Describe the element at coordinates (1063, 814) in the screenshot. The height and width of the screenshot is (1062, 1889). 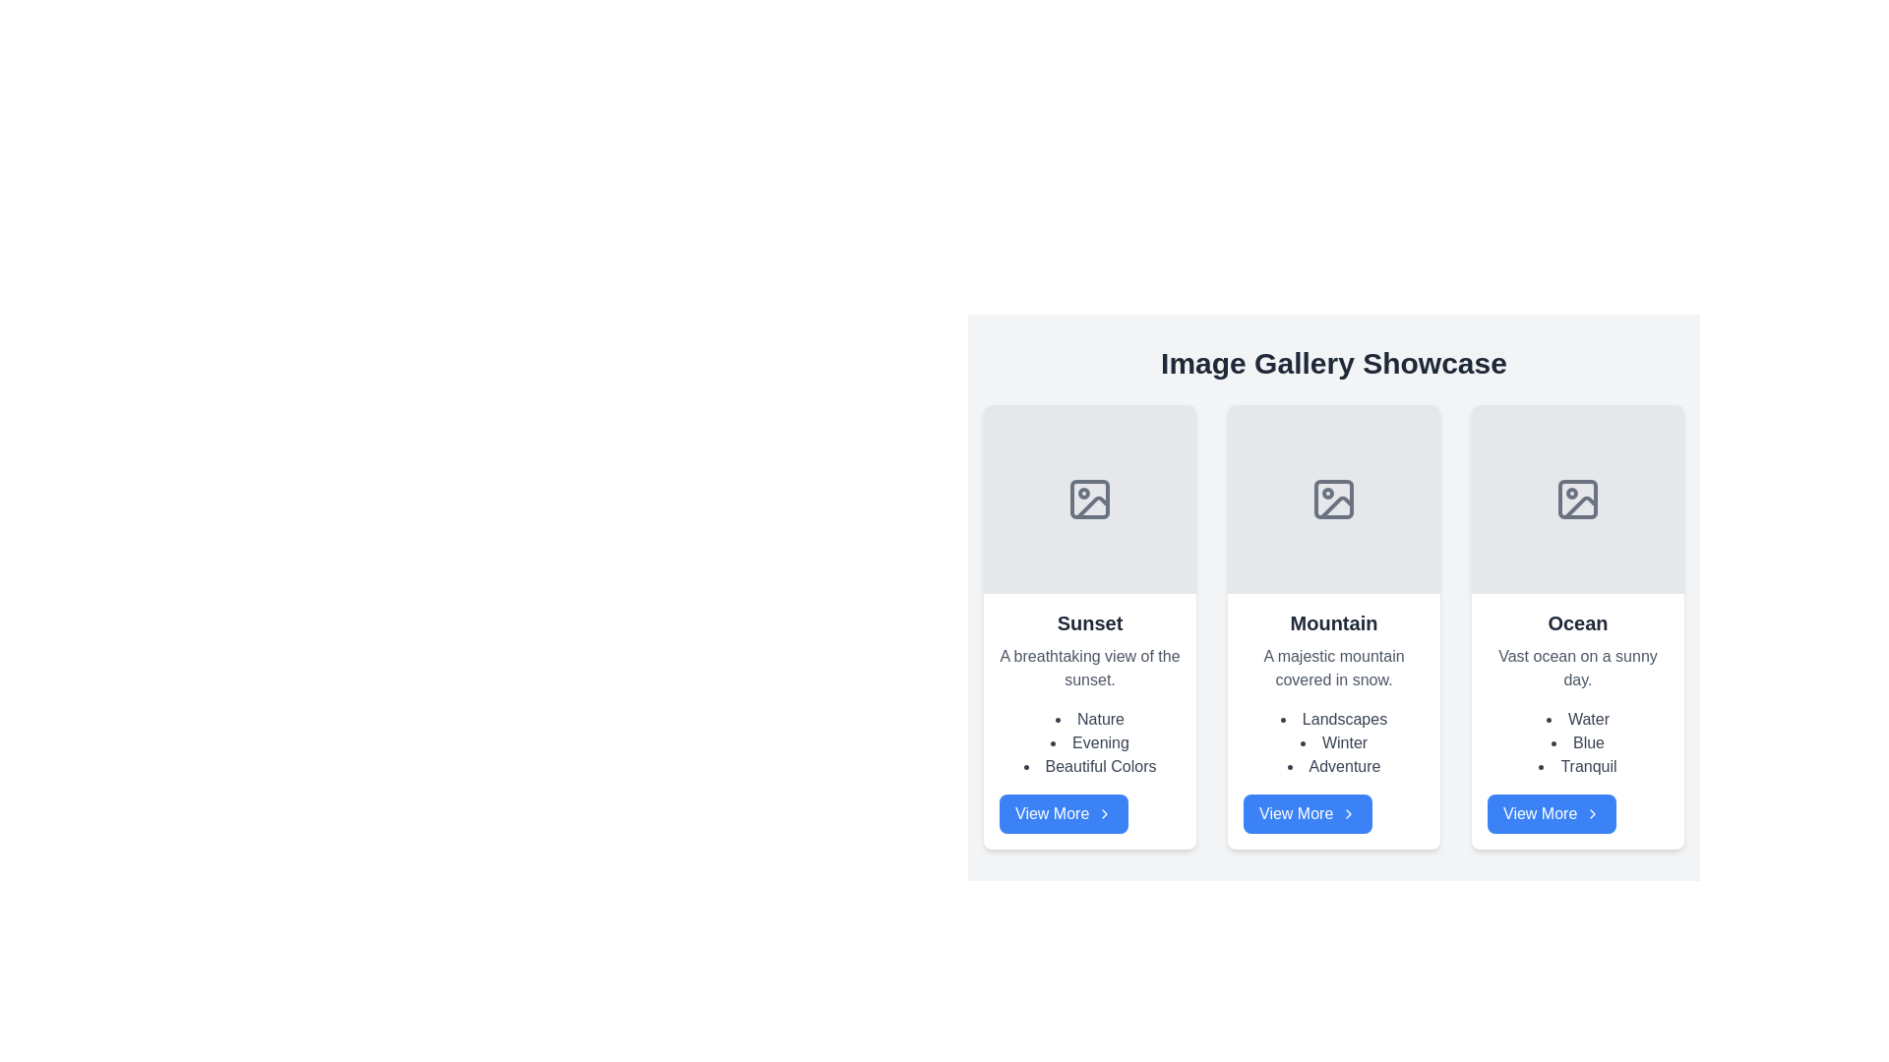
I see `the button located at the bottom of the 'Sunset' card` at that location.